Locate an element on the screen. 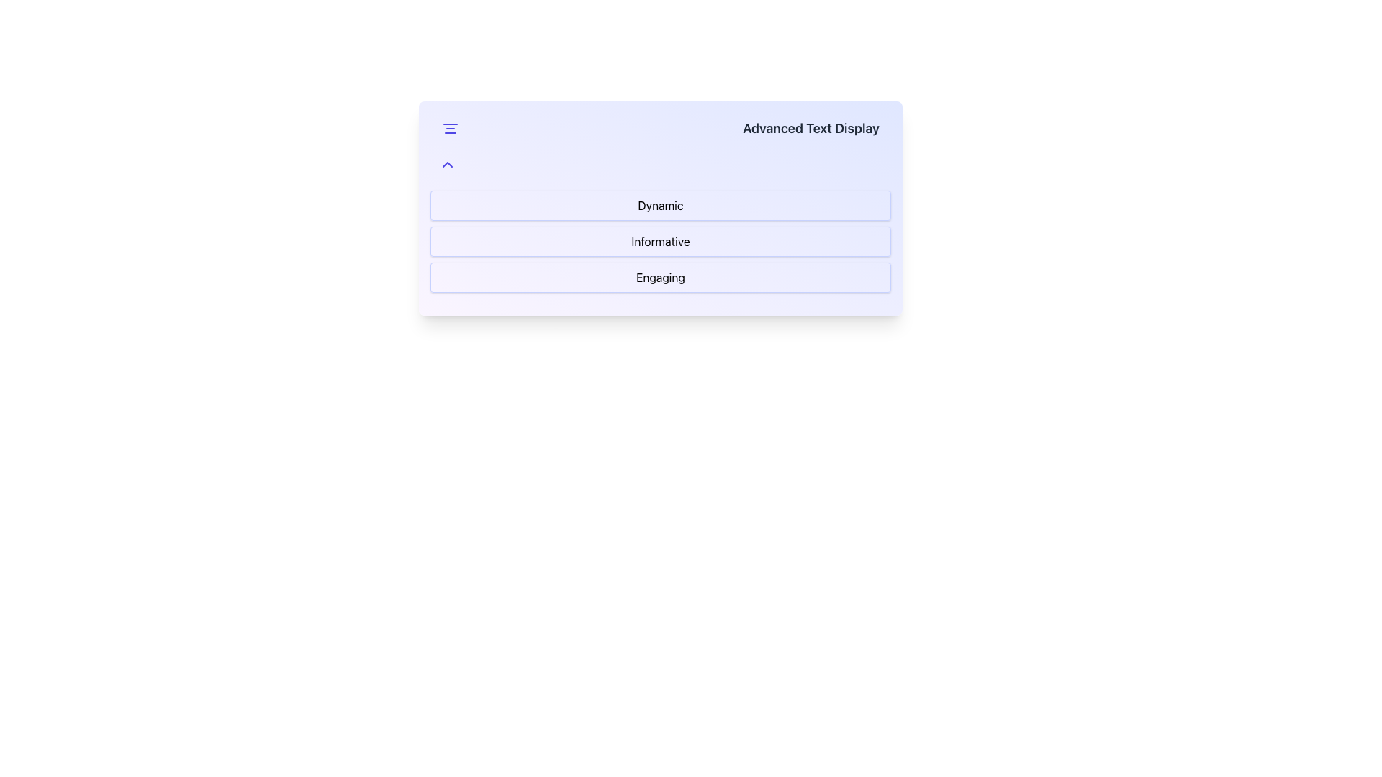  the Chevron-Up icon located near the top-left corner of the interface is located at coordinates (447, 163).